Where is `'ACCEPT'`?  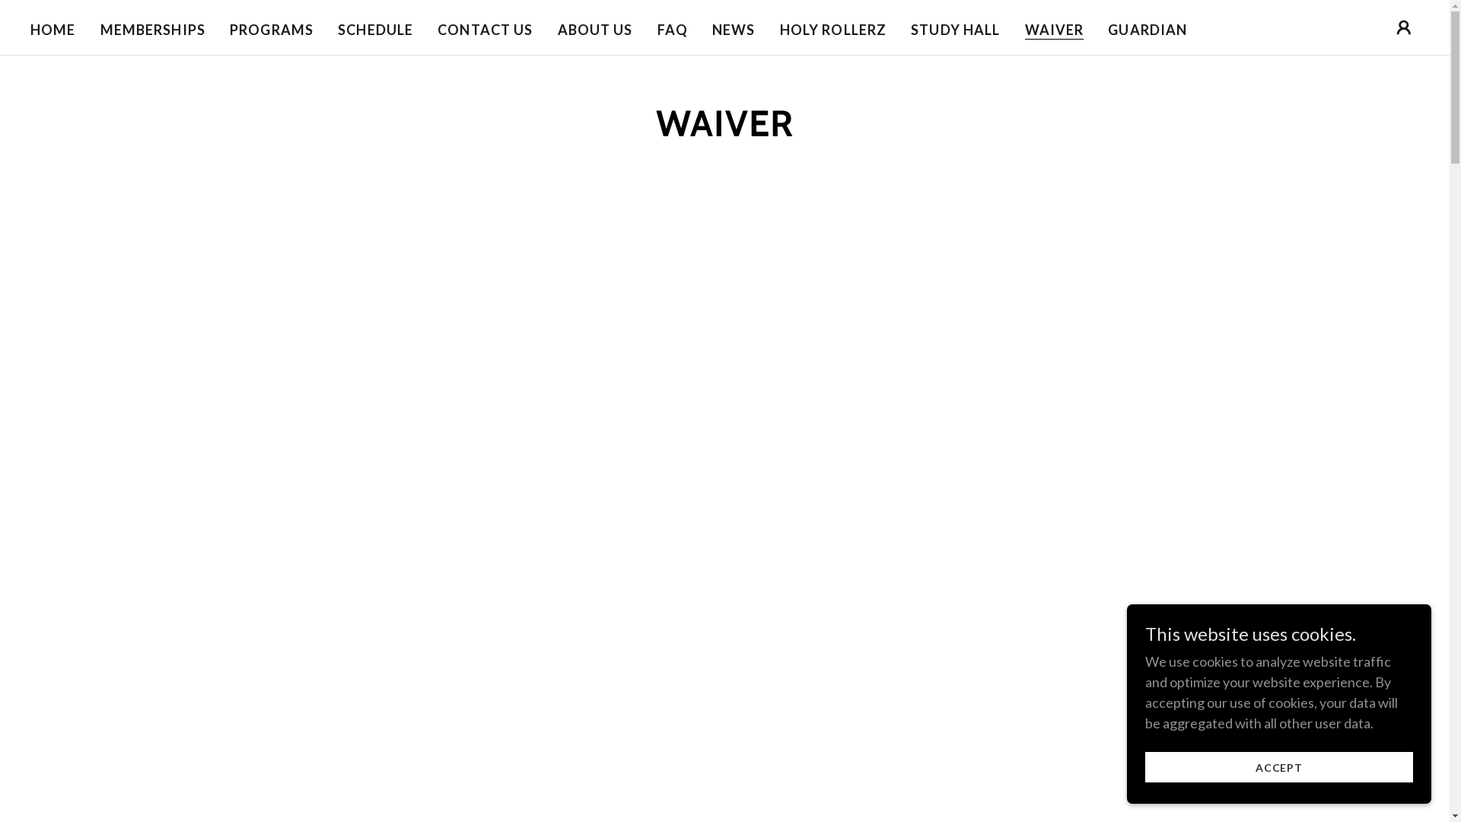
'ACCEPT' is located at coordinates (1278, 766).